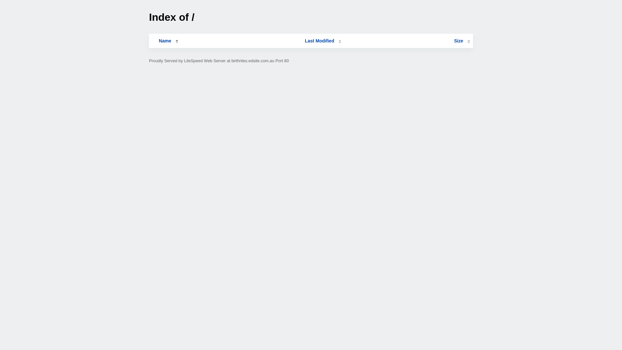 The height and width of the screenshot is (350, 622). Describe the element at coordinates (454, 41) in the screenshot. I see `'Size'` at that location.